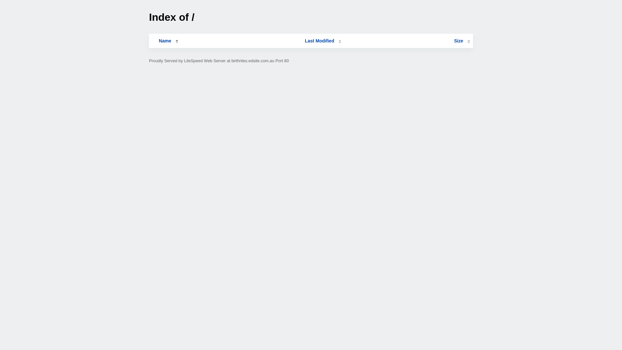 The height and width of the screenshot is (350, 622). Describe the element at coordinates (454, 41) in the screenshot. I see `'Size'` at that location.